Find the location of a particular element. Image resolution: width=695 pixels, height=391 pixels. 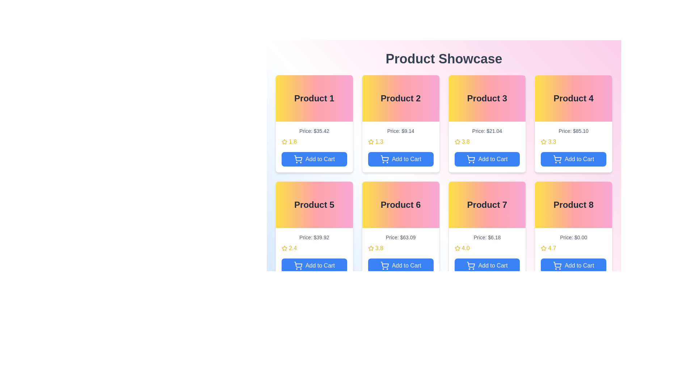

the blue 'Add to Cart' button with rounded corners located below the product price and rating is located at coordinates (487, 265).